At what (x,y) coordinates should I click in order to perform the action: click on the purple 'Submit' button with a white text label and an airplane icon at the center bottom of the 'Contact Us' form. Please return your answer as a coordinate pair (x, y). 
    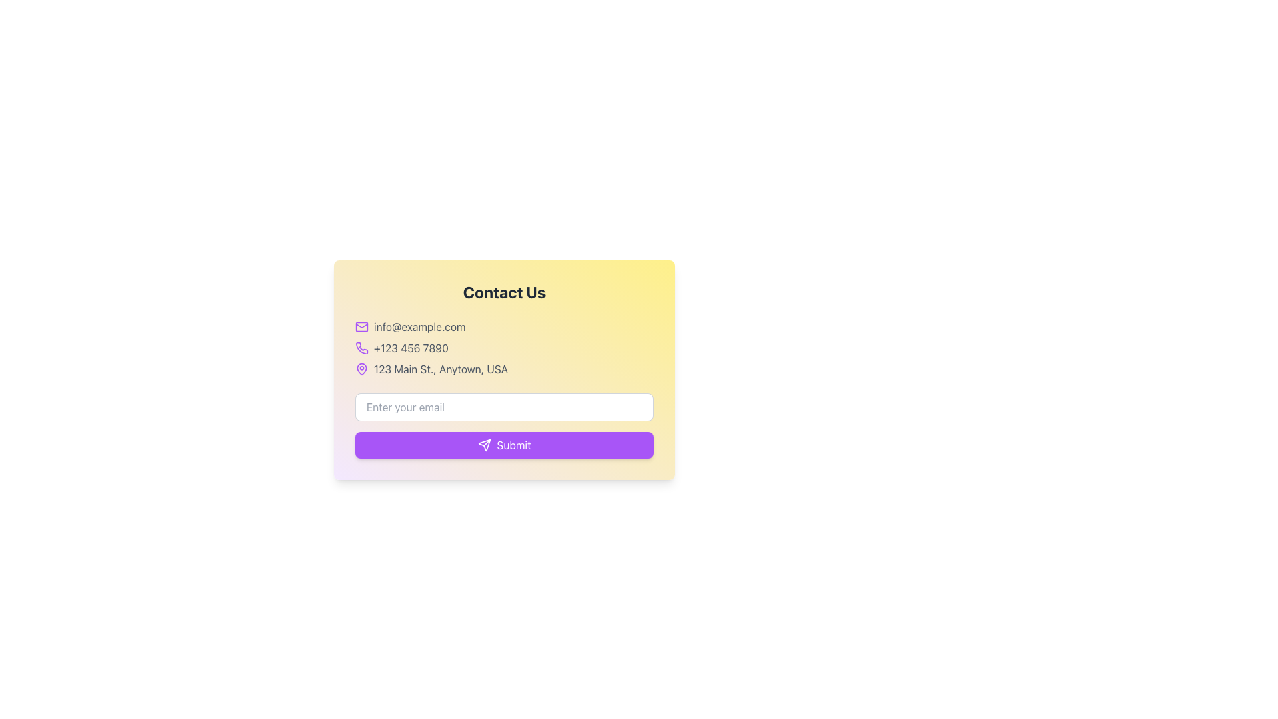
    Looking at the image, I should click on (504, 426).